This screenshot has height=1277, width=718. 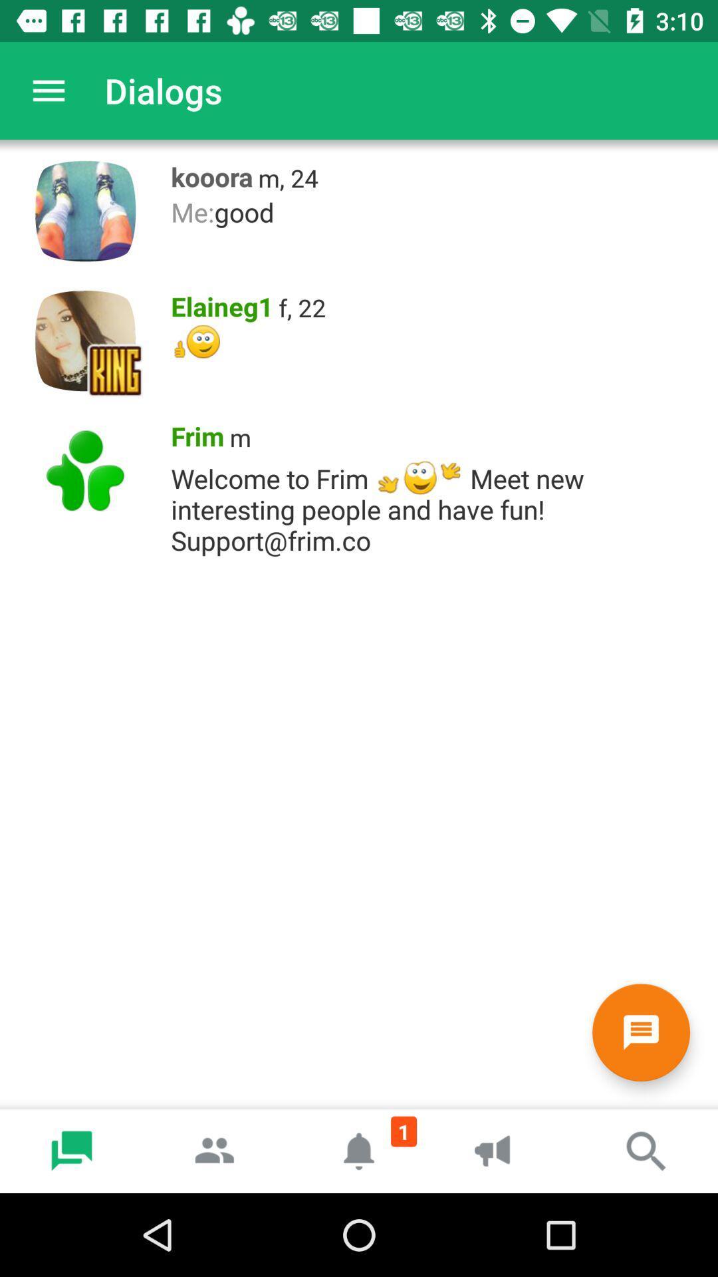 What do you see at coordinates (437, 341) in the screenshot?
I see `the item below the elaineg1 item` at bounding box center [437, 341].